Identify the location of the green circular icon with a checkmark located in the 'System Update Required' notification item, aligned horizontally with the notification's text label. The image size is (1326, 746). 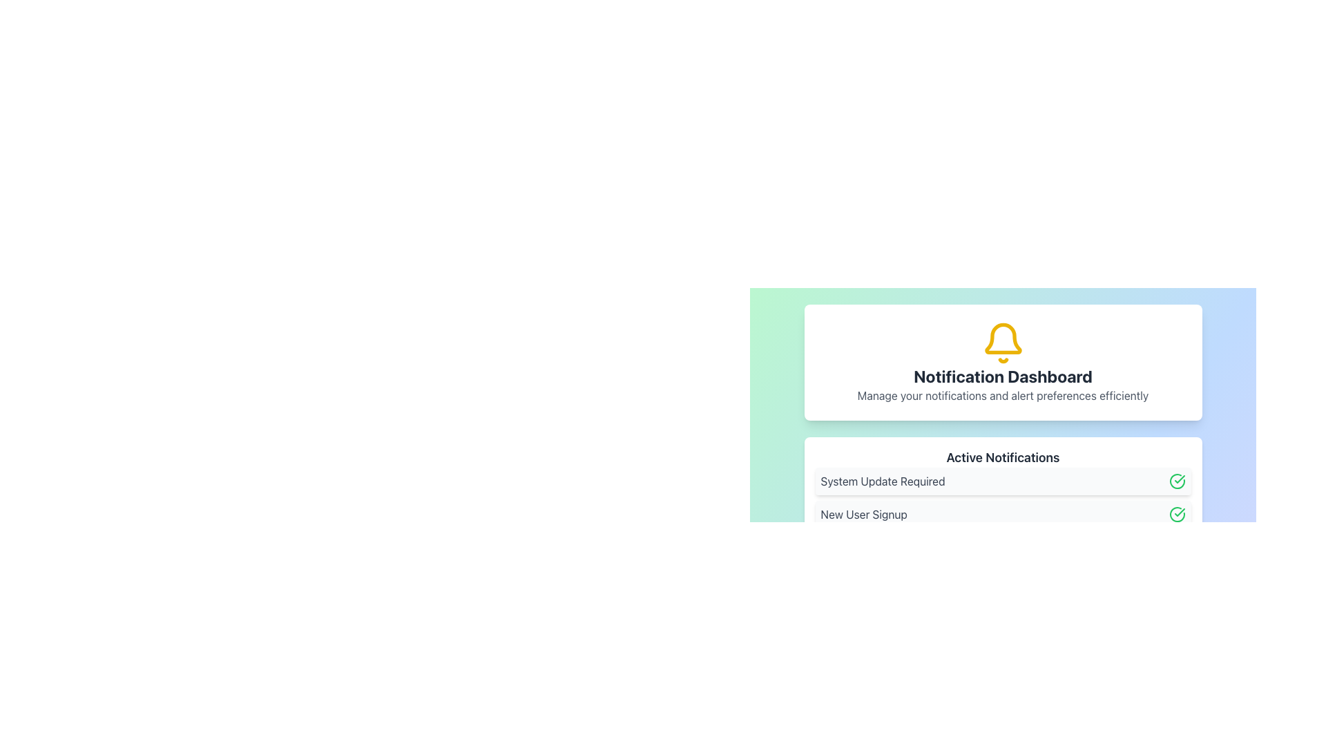
(1176, 481).